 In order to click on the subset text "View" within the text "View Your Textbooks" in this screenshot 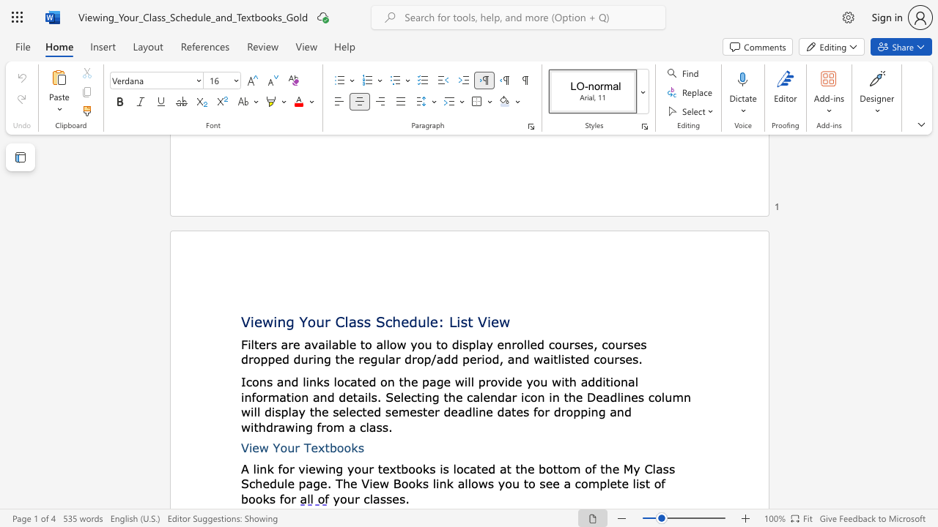, I will do `click(240, 447)`.